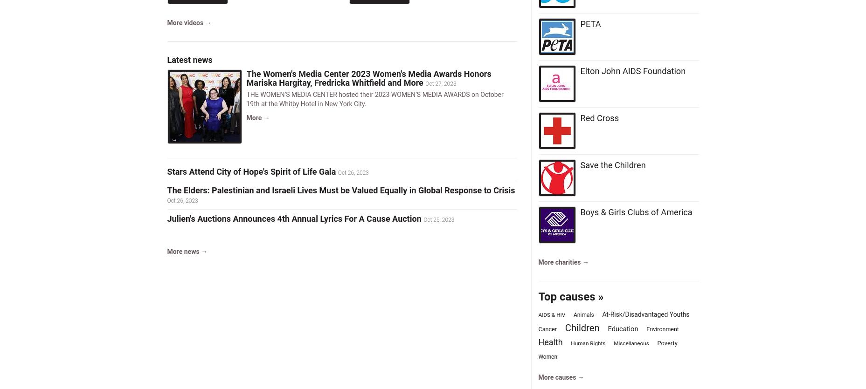 This screenshot has height=389, width=866. What do you see at coordinates (646, 328) in the screenshot?
I see `'Environment'` at bounding box center [646, 328].